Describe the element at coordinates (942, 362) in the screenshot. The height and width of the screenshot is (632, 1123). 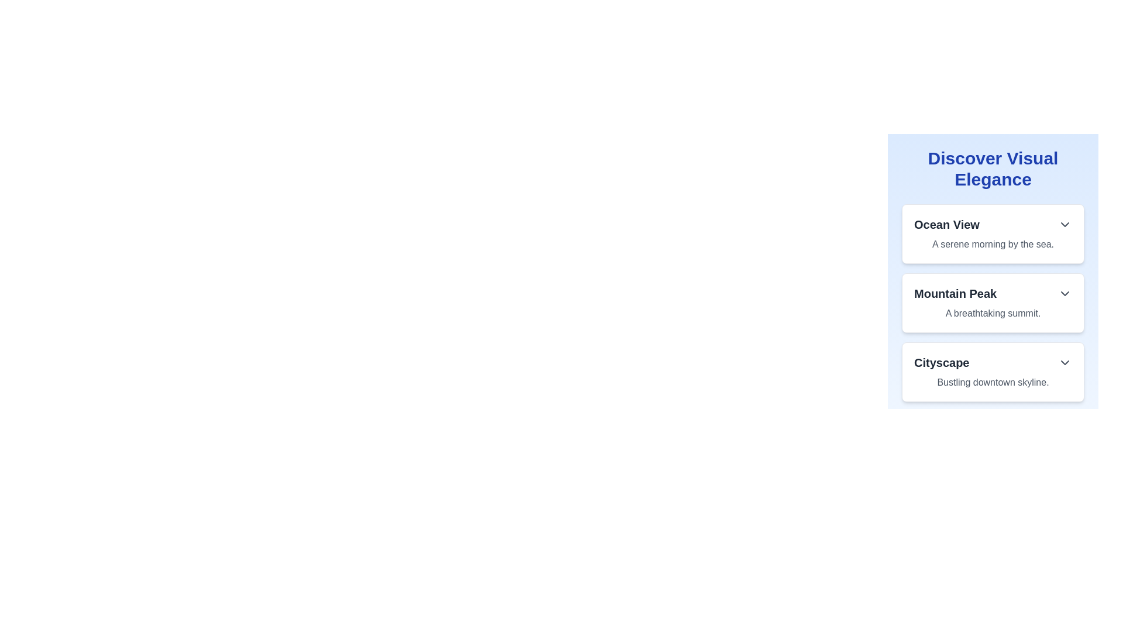
I see `the 'Cityscape' text label which is styled in bold, large dark gray font, located as the title of the third entry in the vertical list on the right side of the interface` at that location.